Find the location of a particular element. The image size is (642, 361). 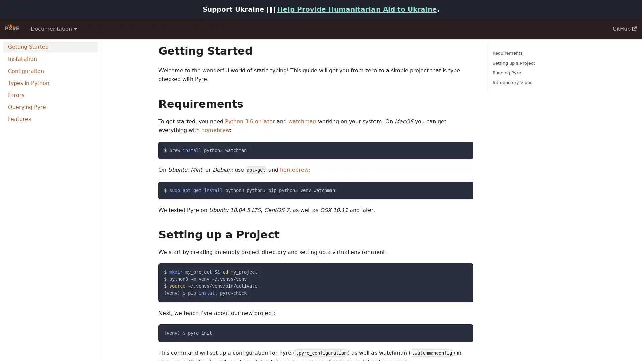

Copy code to clipboard is located at coordinates (462, 188).